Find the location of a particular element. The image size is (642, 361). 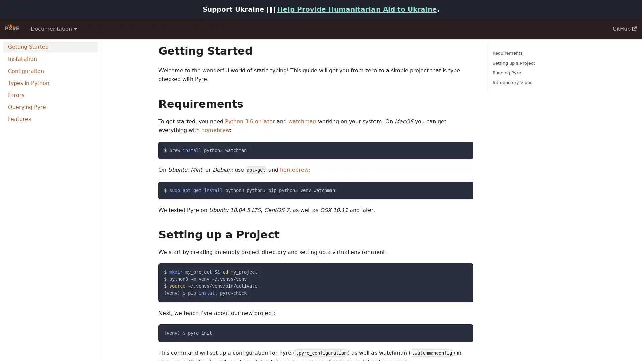

Copy code to clipboard is located at coordinates (462, 188).